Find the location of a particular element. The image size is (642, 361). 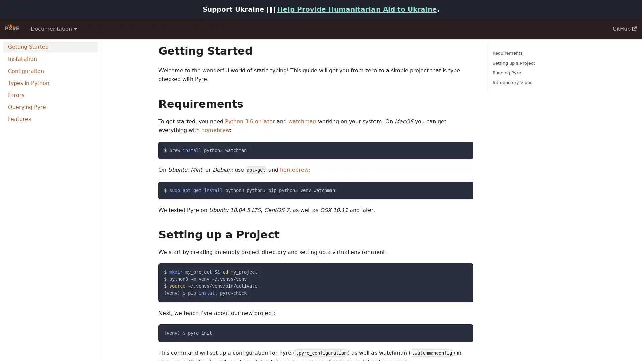

Copy code to clipboard is located at coordinates (462, 188).